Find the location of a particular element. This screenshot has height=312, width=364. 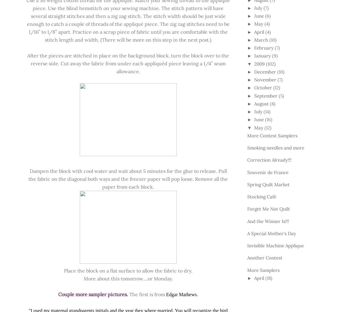

'(18)' is located at coordinates (268, 278).